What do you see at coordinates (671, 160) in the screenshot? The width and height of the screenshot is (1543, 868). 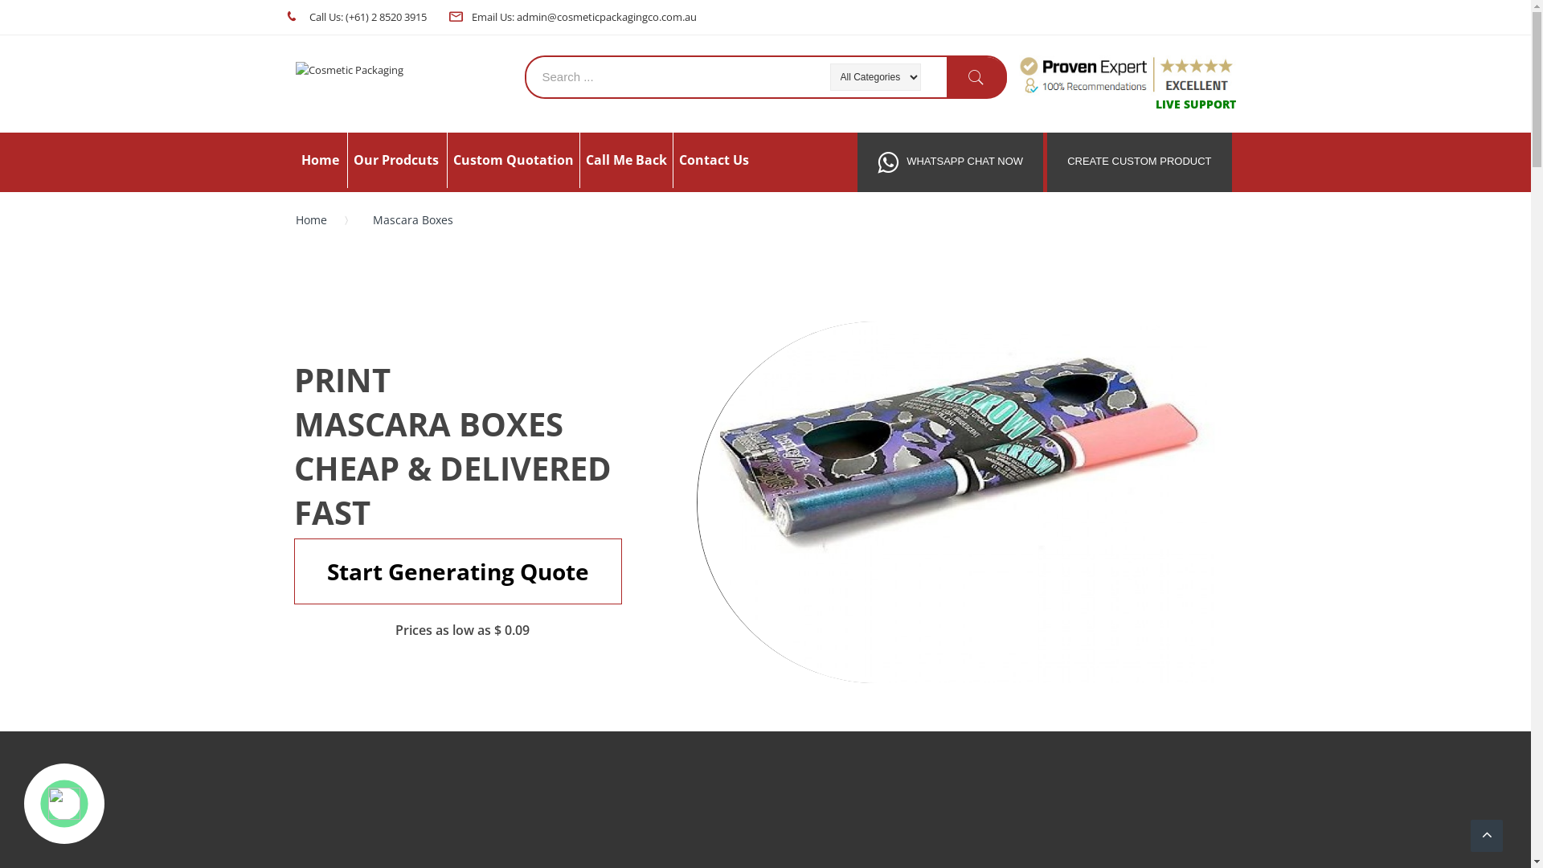 I see `'Contact Us'` at bounding box center [671, 160].